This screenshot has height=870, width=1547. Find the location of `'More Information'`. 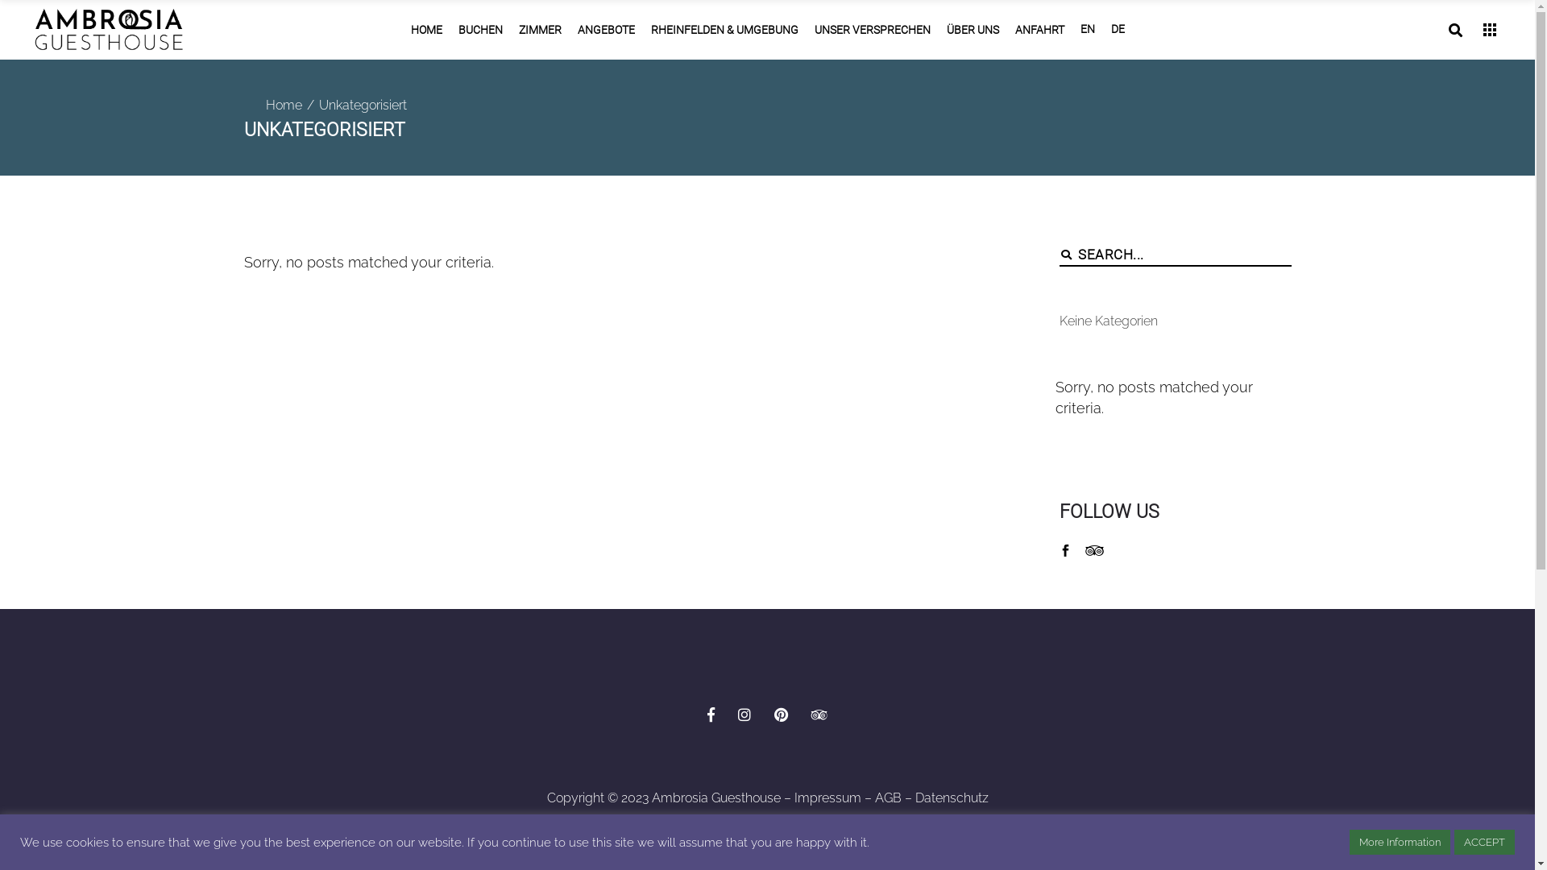

'More Information' is located at coordinates (1399, 841).